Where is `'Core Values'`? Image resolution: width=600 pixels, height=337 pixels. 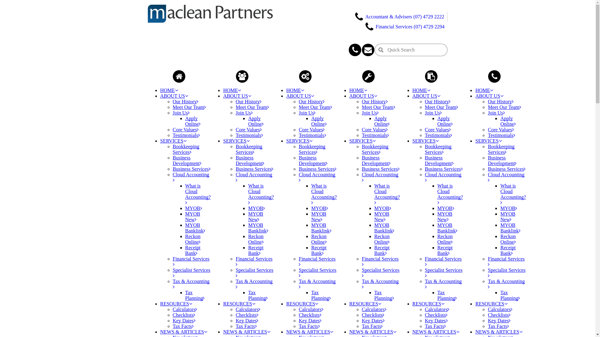
'Core Values' is located at coordinates (501, 129).